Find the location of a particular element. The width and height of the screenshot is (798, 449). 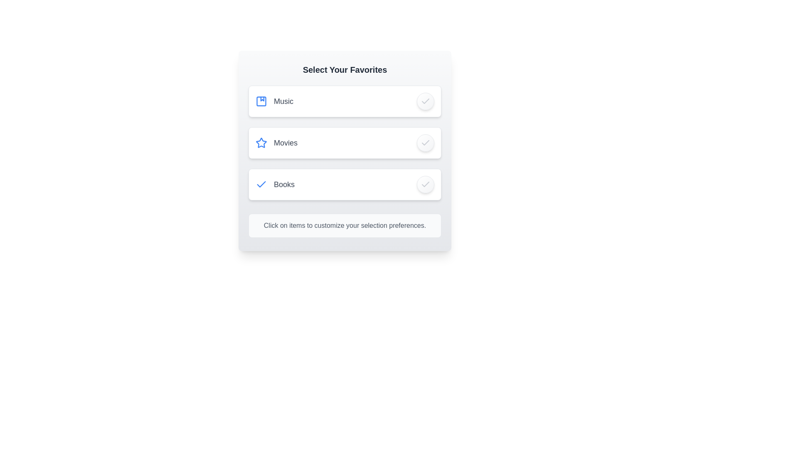

the static text label that describes the 'Music' category, located in the first row of a vertically stacked list, adjacent to an album icon and a checkmark icon is located at coordinates (283, 101).